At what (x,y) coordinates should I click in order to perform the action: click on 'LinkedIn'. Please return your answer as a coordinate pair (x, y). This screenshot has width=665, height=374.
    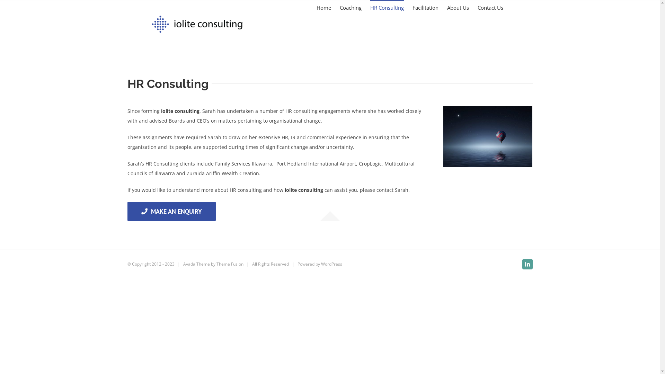
    Looking at the image, I should click on (527, 264).